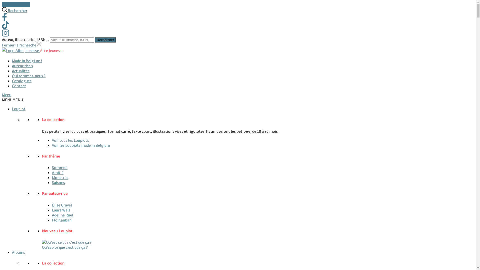 The height and width of the screenshot is (270, 480). What do you see at coordinates (12, 60) in the screenshot?
I see `'Made in Belgium !'` at bounding box center [12, 60].